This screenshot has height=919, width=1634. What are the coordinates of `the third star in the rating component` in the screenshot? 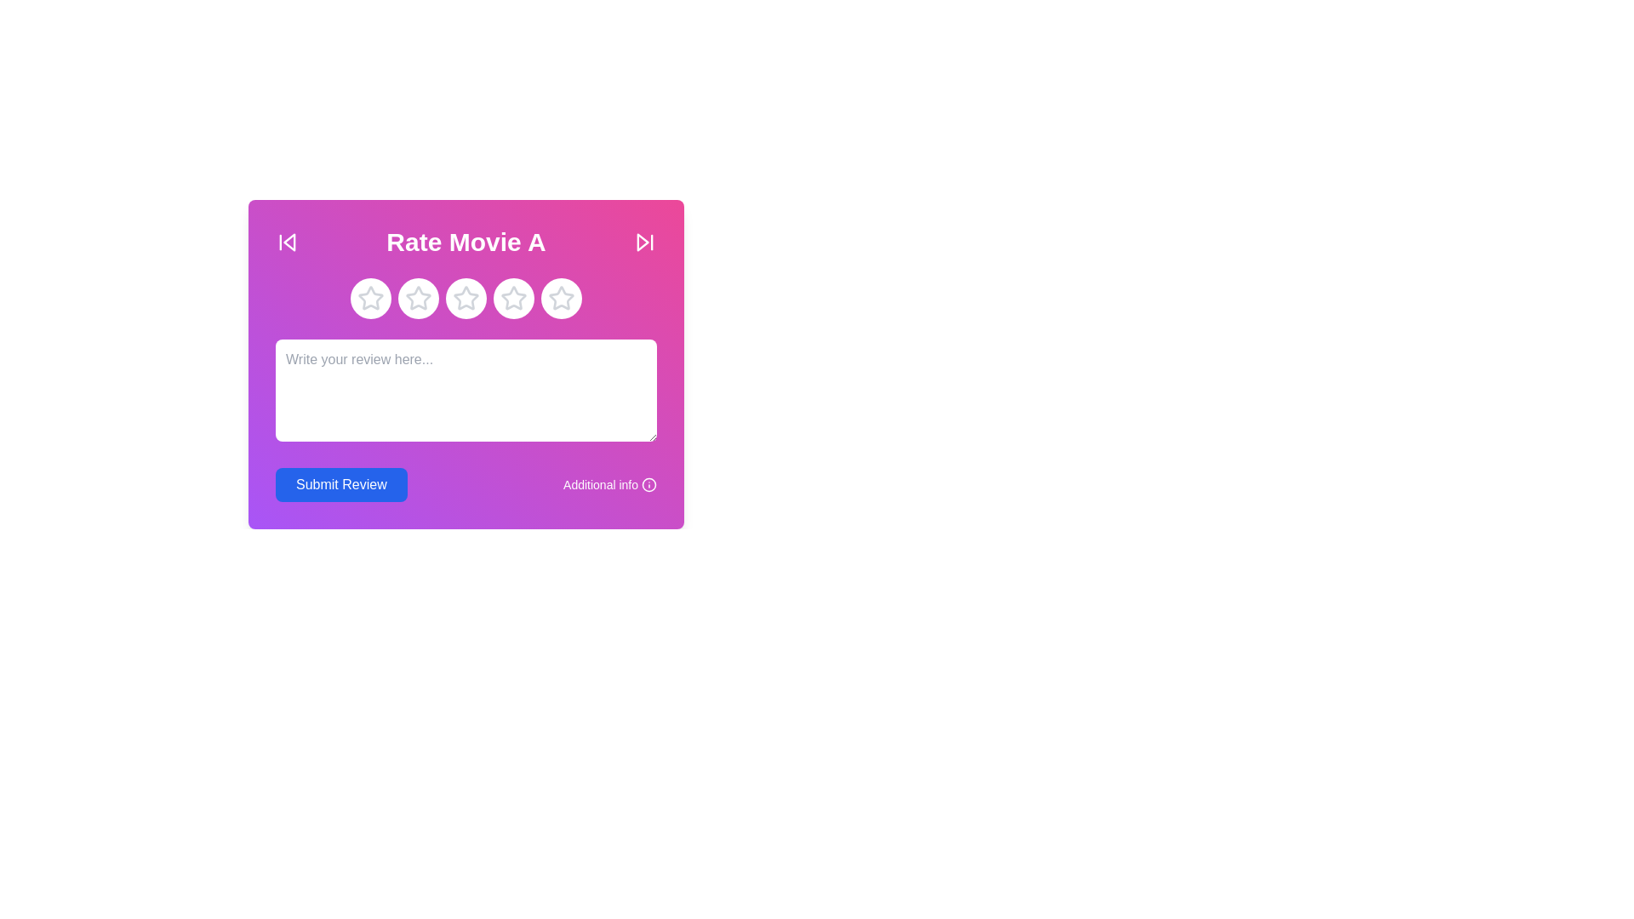 It's located at (466, 297).